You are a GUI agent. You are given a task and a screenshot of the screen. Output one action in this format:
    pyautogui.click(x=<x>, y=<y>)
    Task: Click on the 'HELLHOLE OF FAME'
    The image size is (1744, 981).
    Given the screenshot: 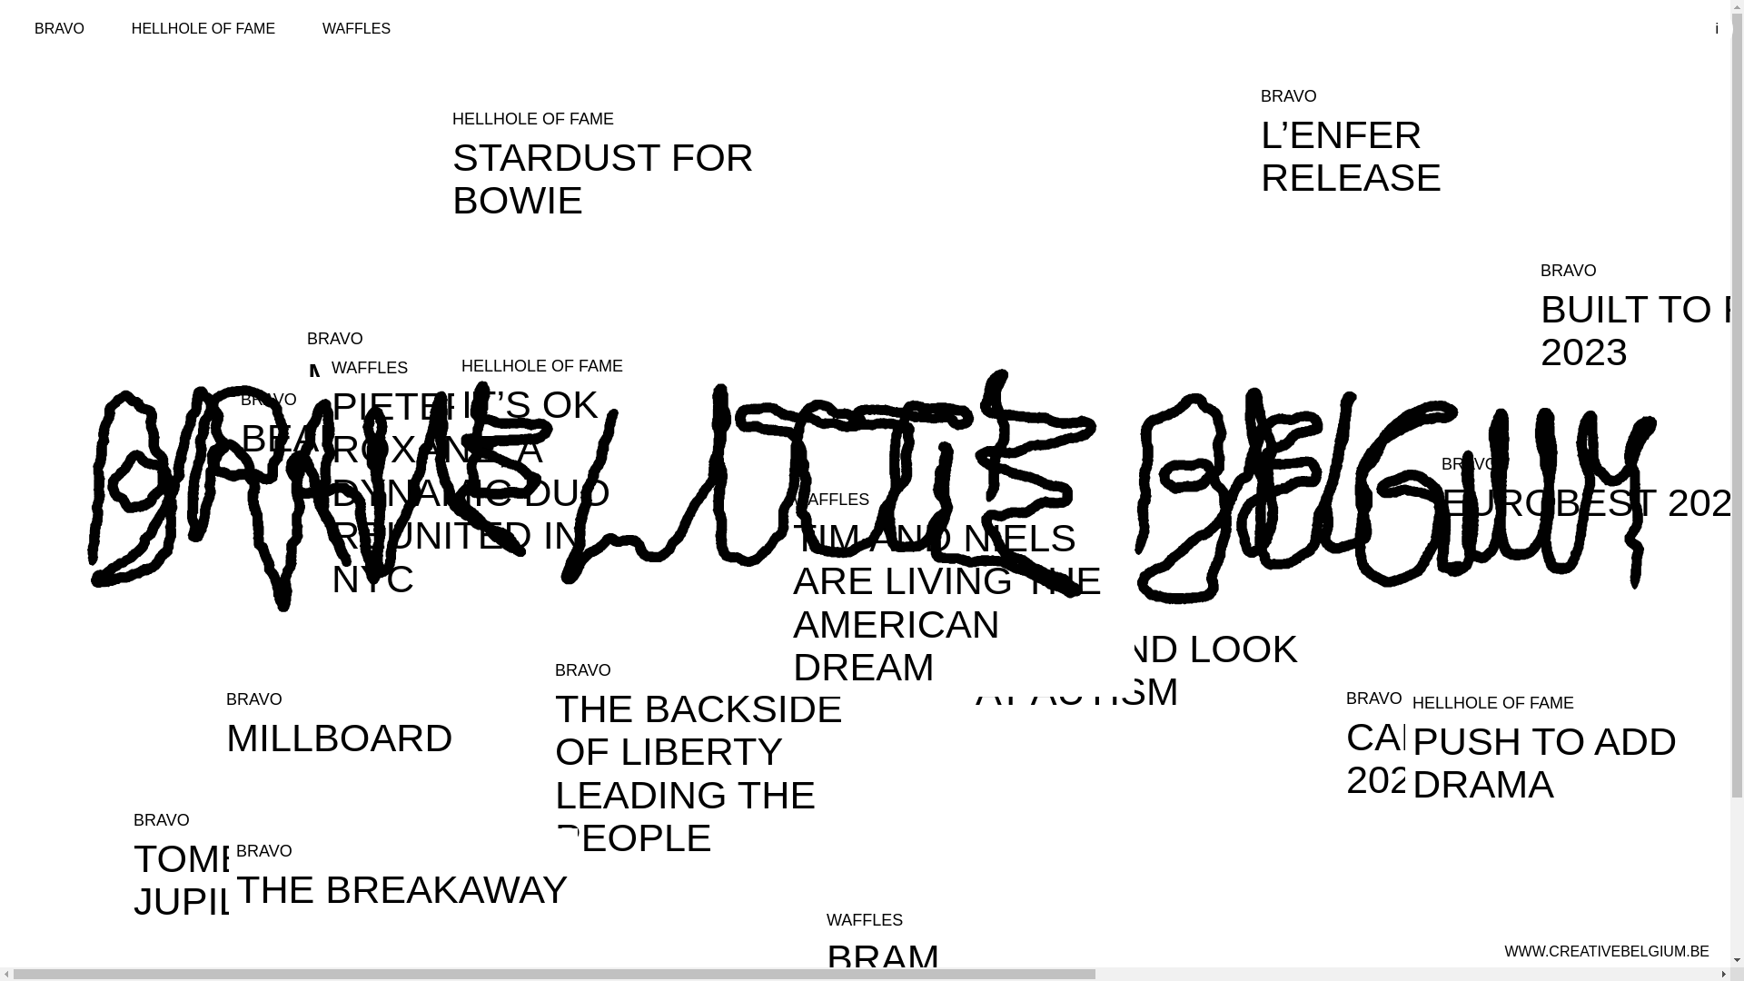 What is the action you would take?
    pyautogui.click(x=203, y=28)
    